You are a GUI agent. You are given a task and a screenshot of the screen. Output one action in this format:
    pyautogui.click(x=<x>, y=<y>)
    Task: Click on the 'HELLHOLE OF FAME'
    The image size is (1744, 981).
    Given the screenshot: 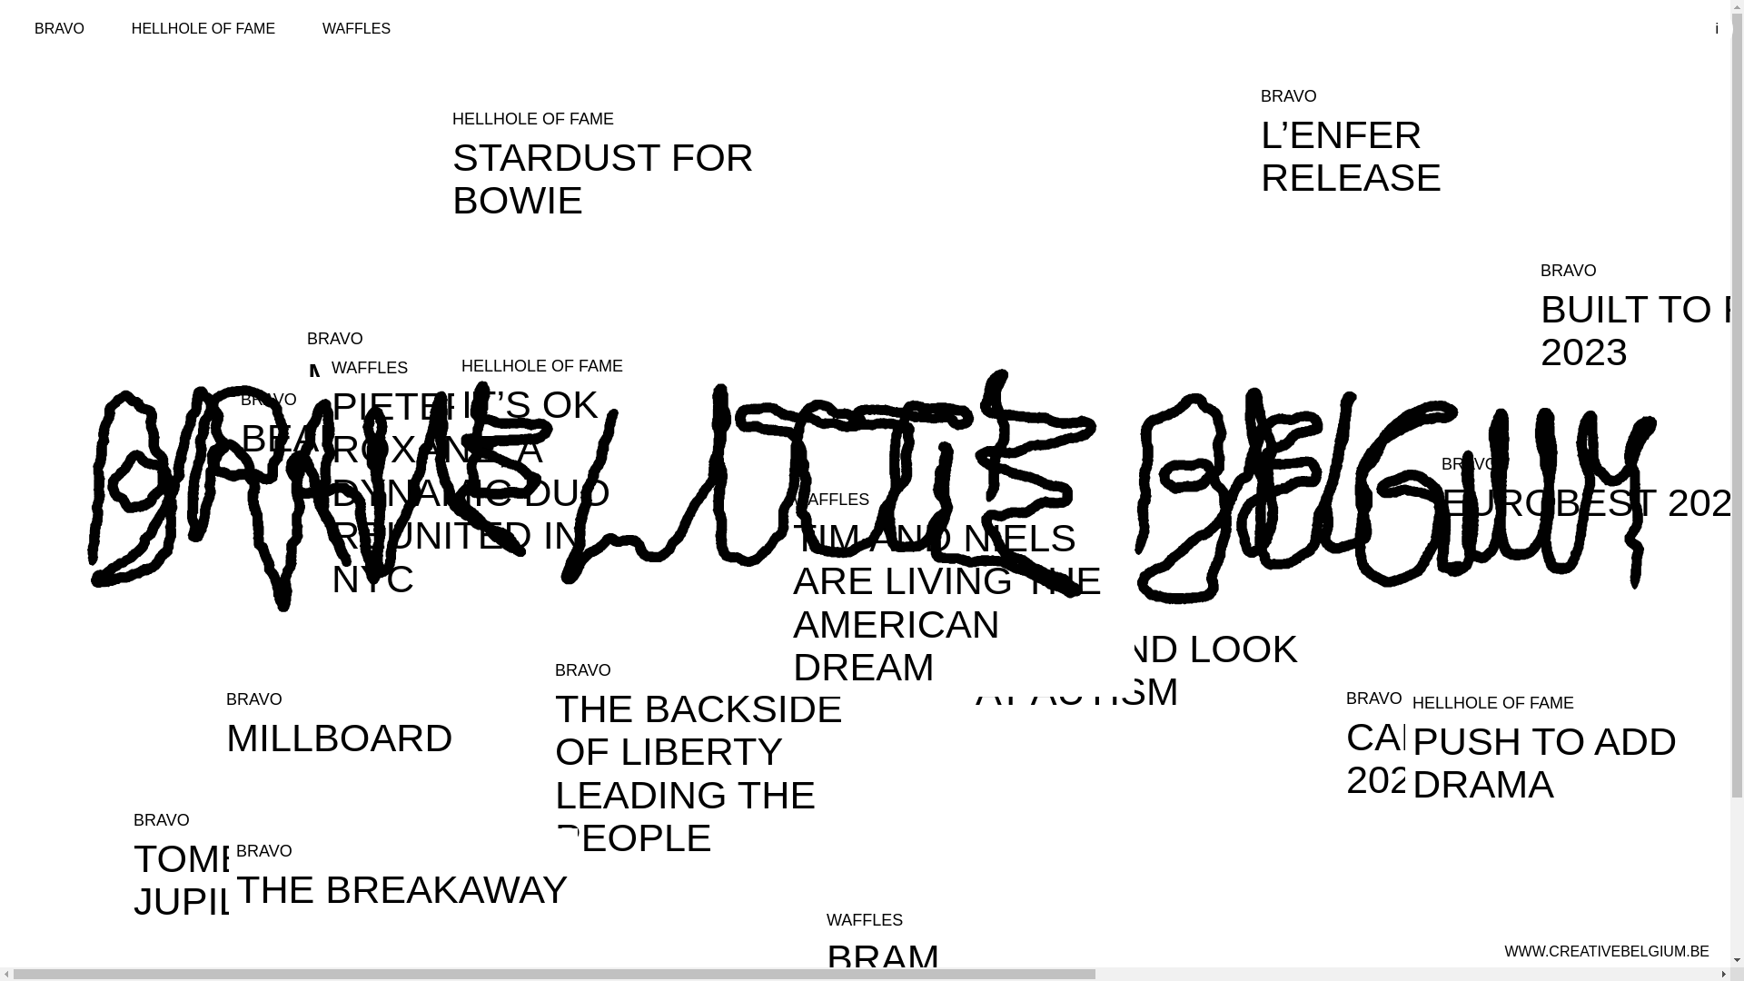 What is the action you would take?
    pyautogui.click(x=203, y=28)
    